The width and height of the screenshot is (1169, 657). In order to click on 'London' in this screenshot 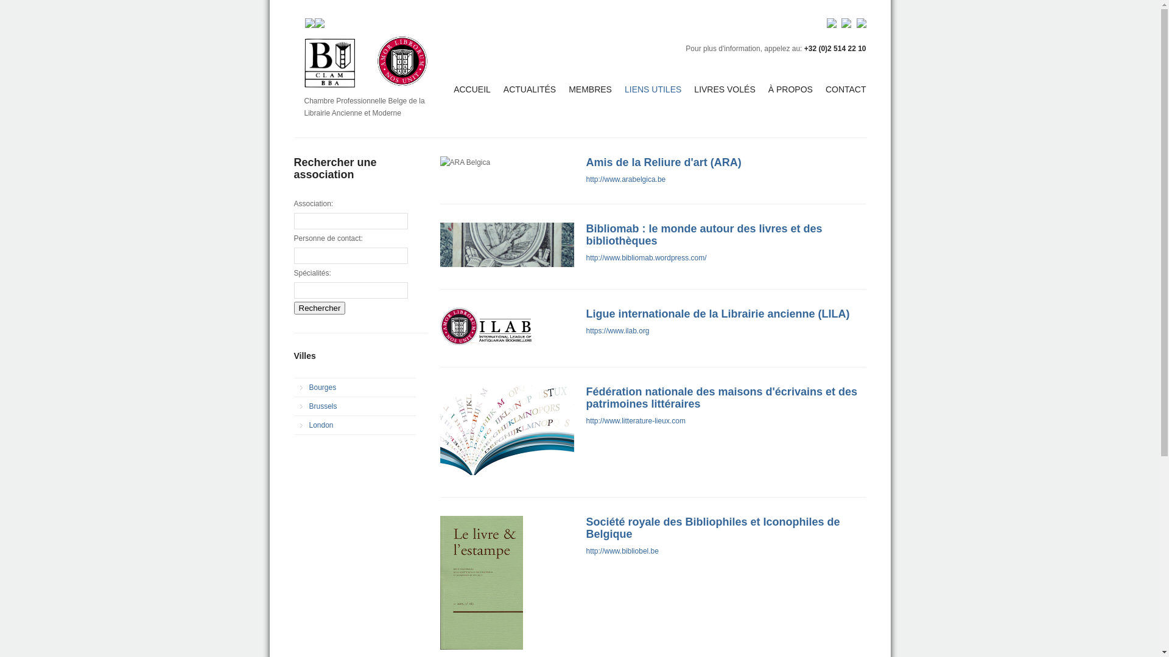, I will do `click(353, 424)`.